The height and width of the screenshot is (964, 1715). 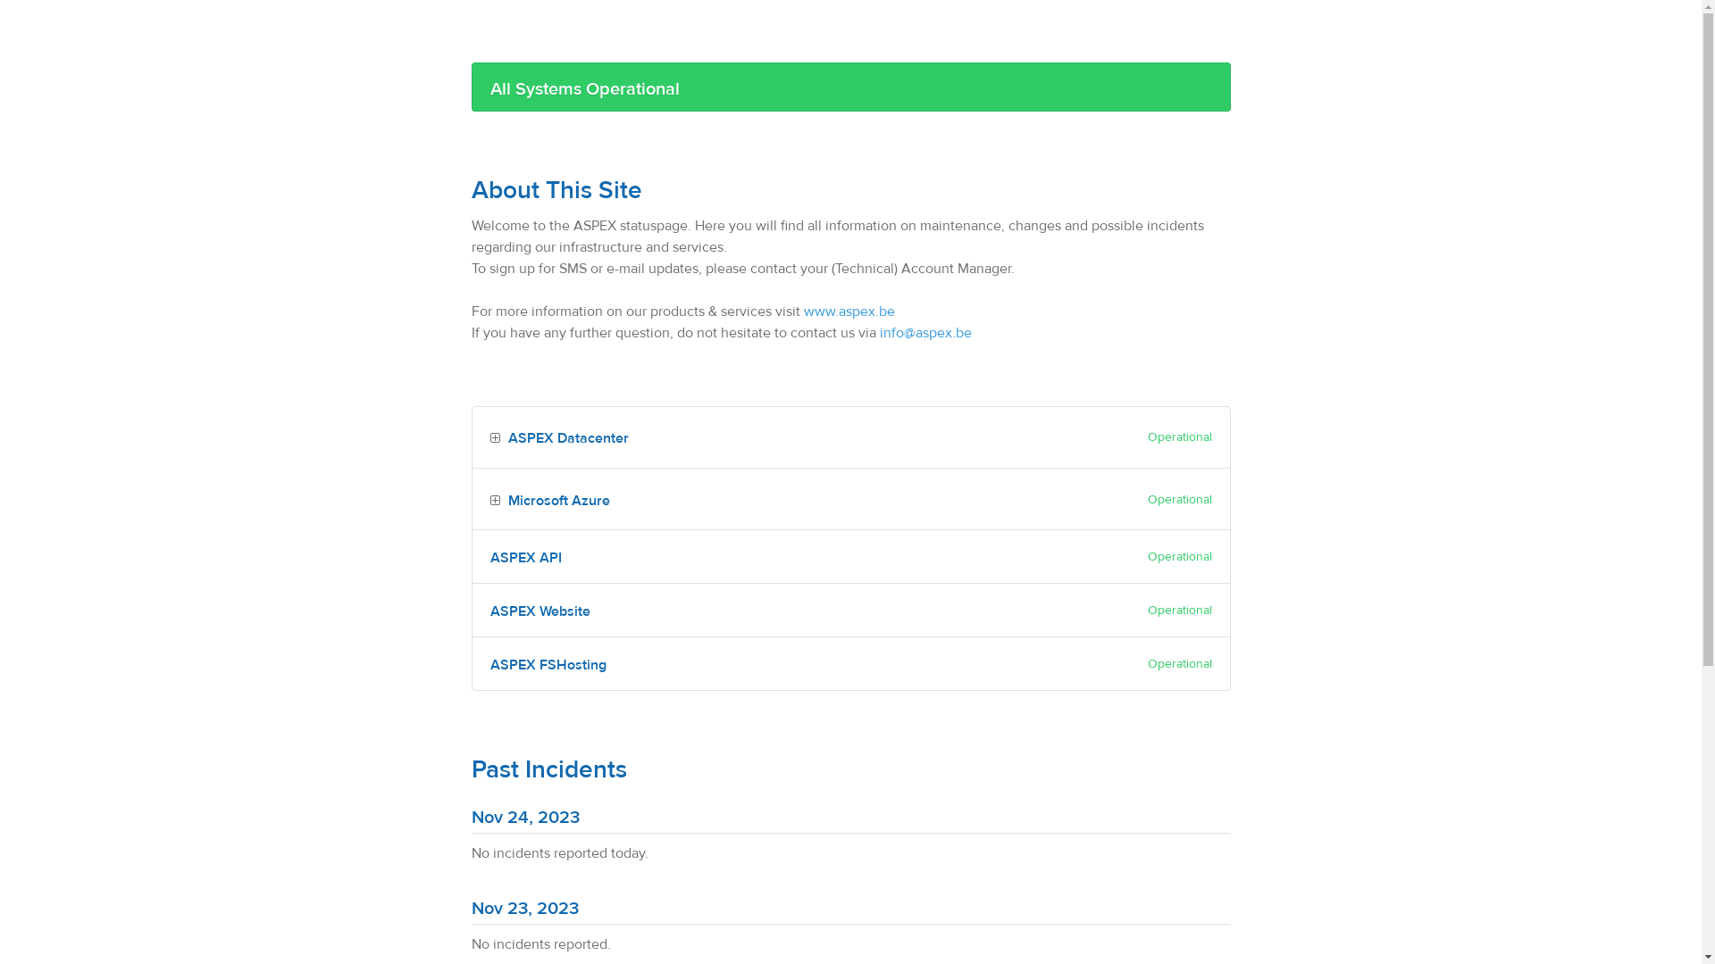 I want to click on 'info@aspex.be', so click(x=924, y=333).